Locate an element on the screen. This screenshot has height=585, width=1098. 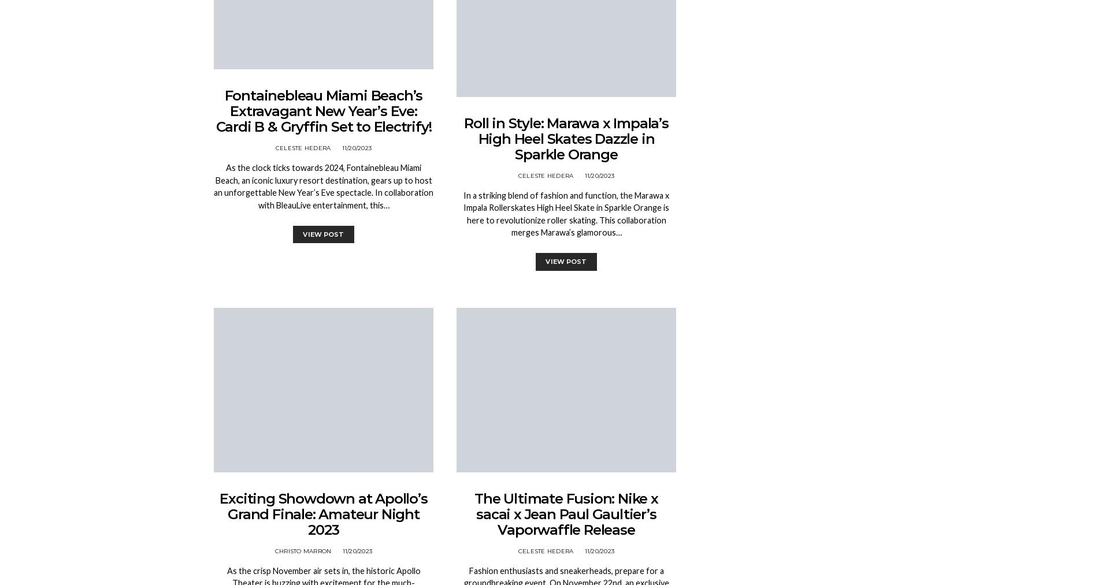
'Fontainebleau Miami Beach’s Extravagant New Year’s Eve: Cardi B & Gryffin Set to Electrify!' is located at coordinates (214, 111).